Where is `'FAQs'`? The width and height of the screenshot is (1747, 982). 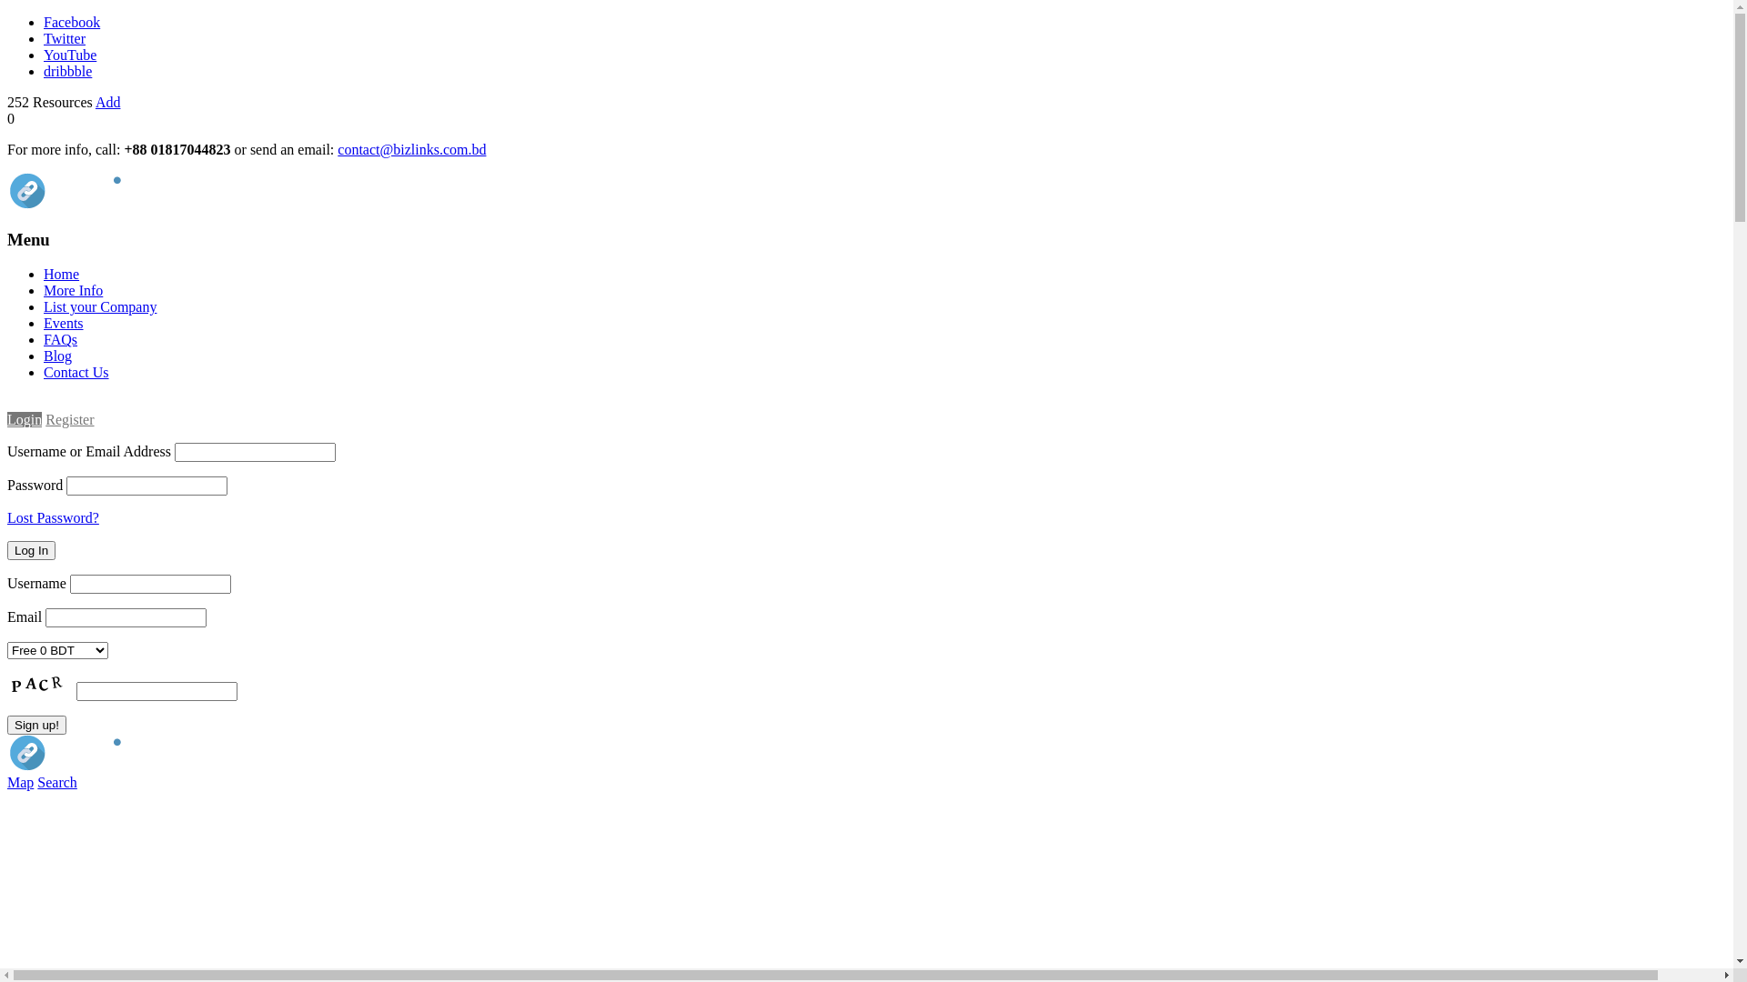 'FAQs' is located at coordinates (44, 339).